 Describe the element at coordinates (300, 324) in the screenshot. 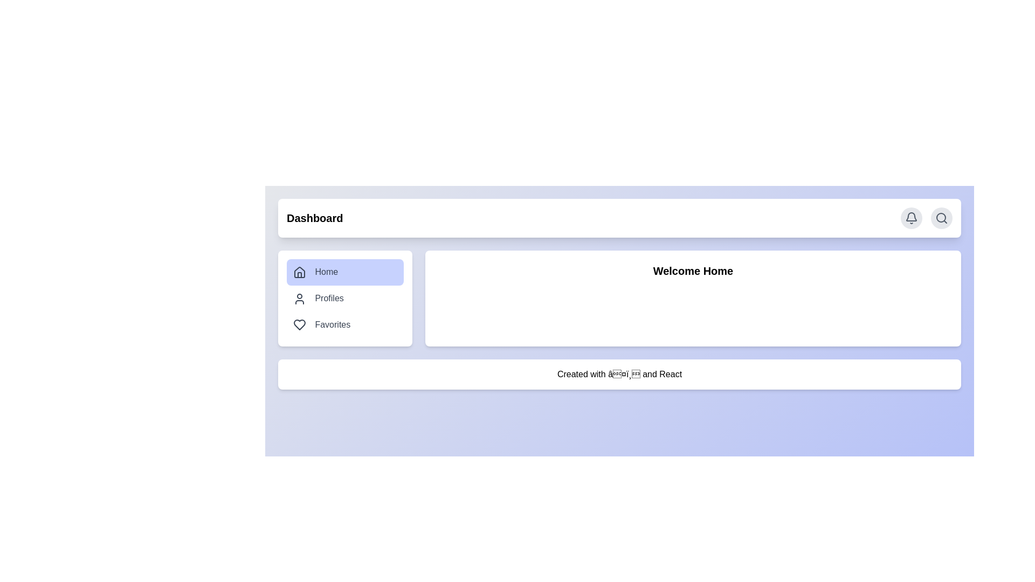

I see `the heart icon in the vertical navigation menu` at that location.